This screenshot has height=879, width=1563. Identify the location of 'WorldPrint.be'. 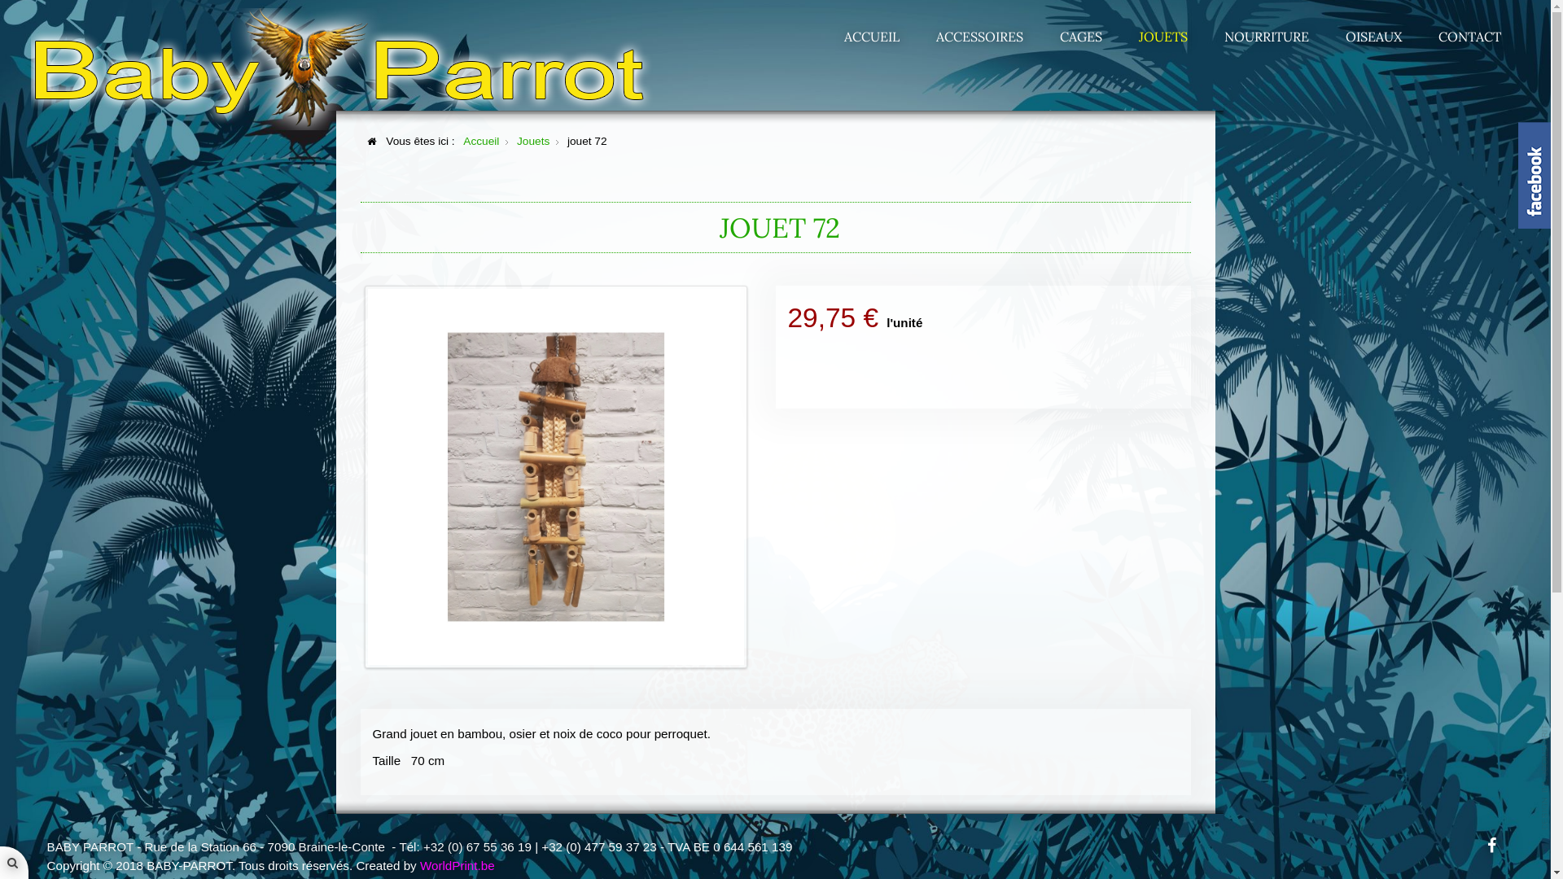
(419, 864).